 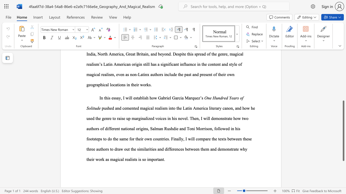 I want to click on the 5th character "i" in the text, so click(x=176, y=129).